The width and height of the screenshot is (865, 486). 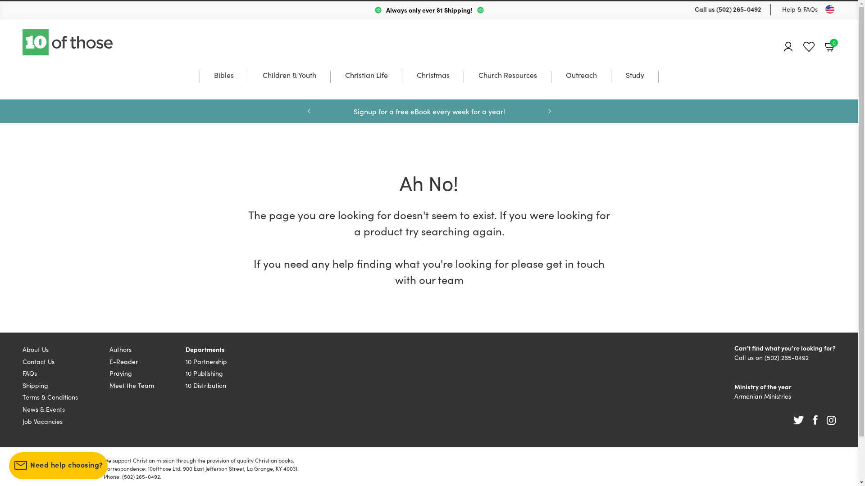 What do you see at coordinates (35, 348) in the screenshot?
I see `'About Us'` at bounding box center [35, 348].